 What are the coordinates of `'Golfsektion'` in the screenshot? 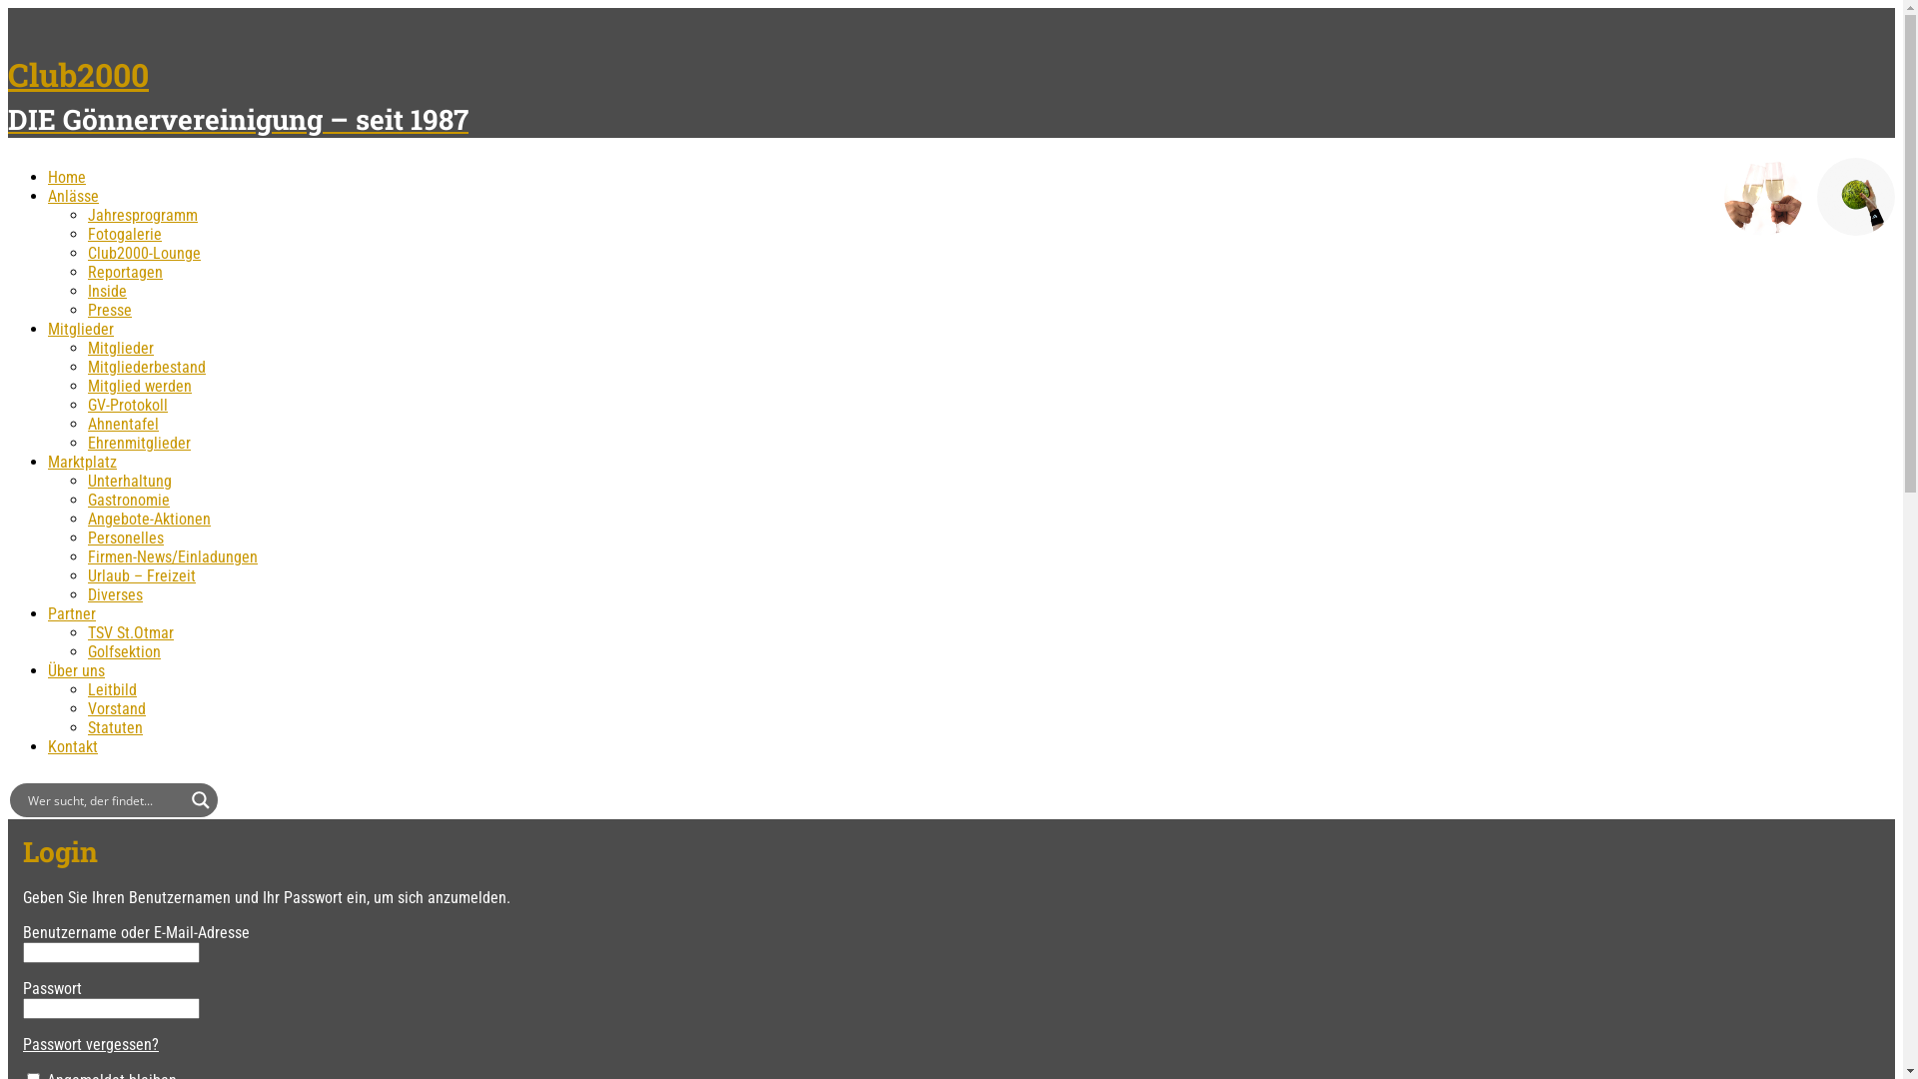 It's located at (123, 651).